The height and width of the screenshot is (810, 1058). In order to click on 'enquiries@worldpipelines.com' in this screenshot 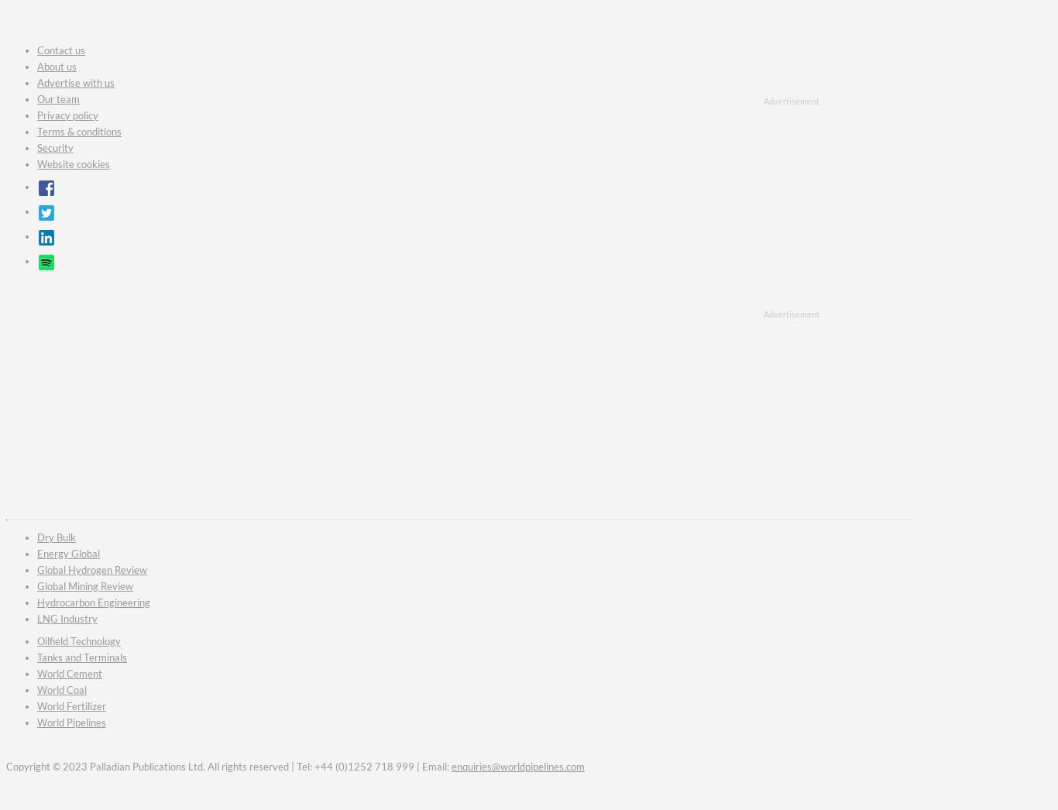, I will do `click(517, 766)`.